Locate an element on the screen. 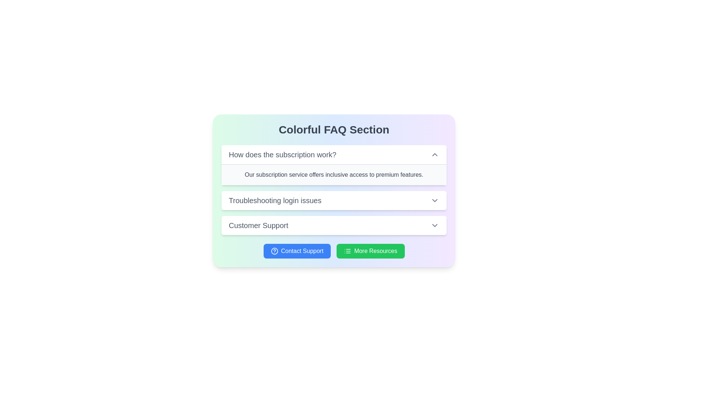 The width and height of the screenshot is (704, 396). the 'Customer Support' text label is located at coordinates (258, 225).